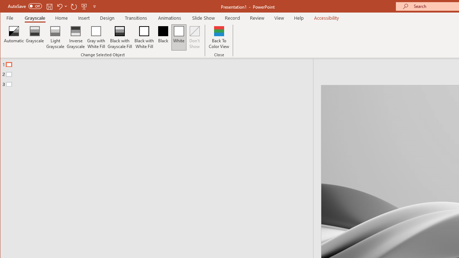 Image resolution: width=459 pixels, height=258 pixels. I want to click on 'Gray with White Fill', so click(96, 37).